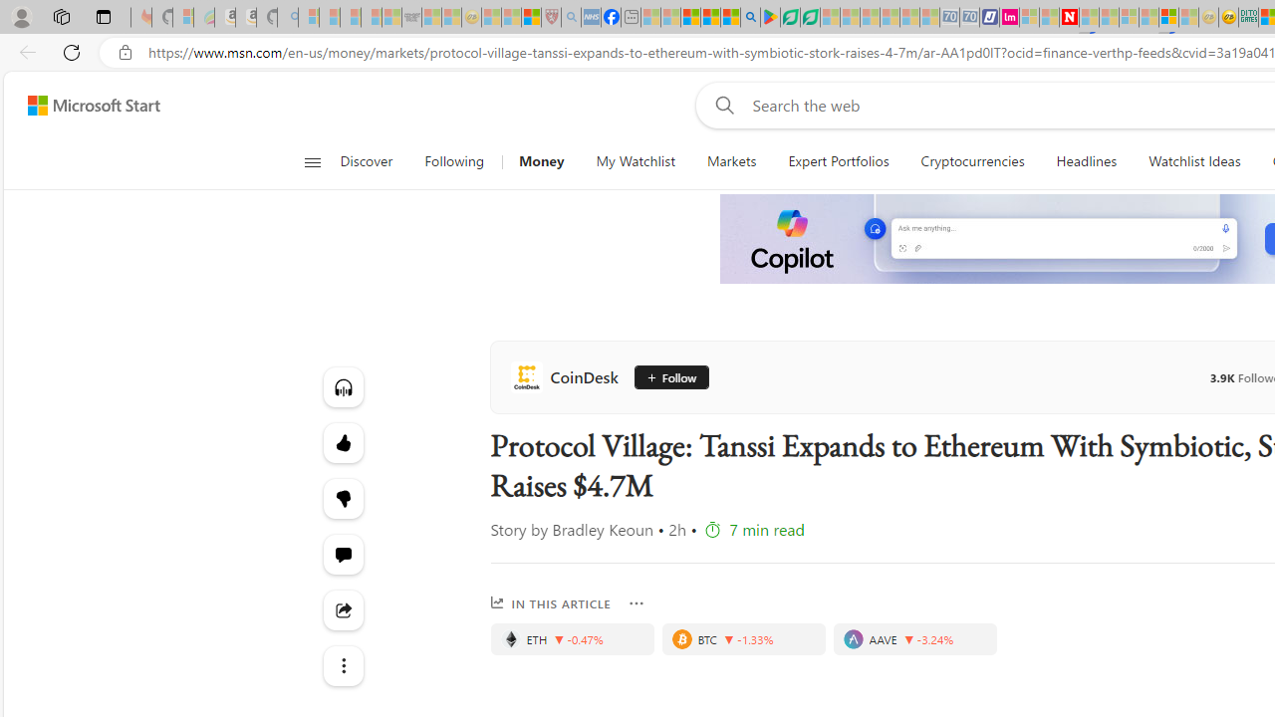 The image size is (1275, 717). Describe the element at coordinates (531, 17) in the screenshot. I see `'Local - MSN'` at that location.